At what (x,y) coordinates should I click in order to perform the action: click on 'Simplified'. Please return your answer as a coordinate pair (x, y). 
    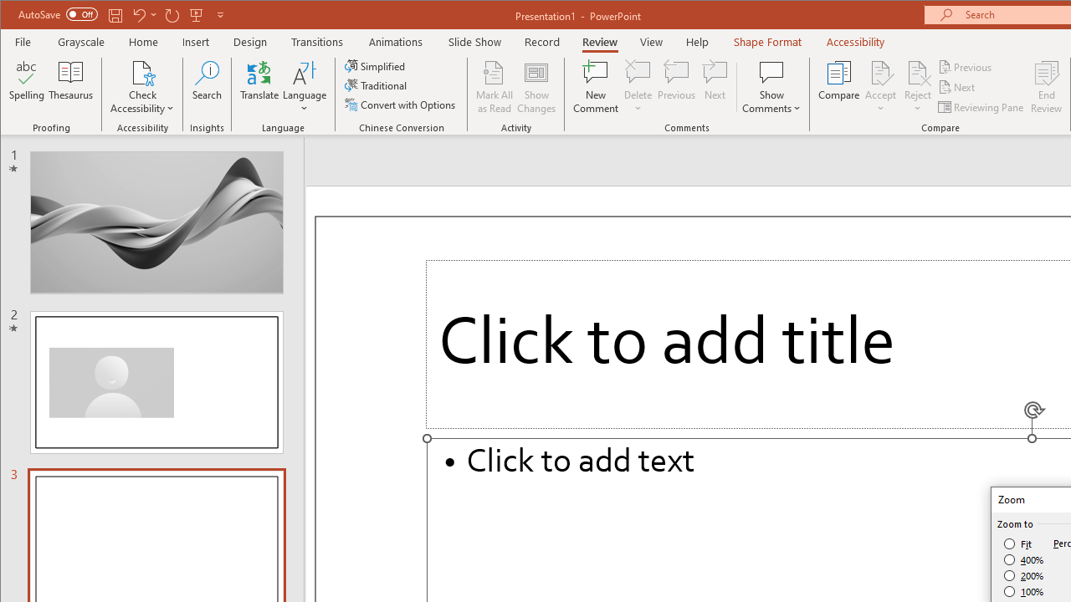
    Looking at the image, I should click on (376, 65).